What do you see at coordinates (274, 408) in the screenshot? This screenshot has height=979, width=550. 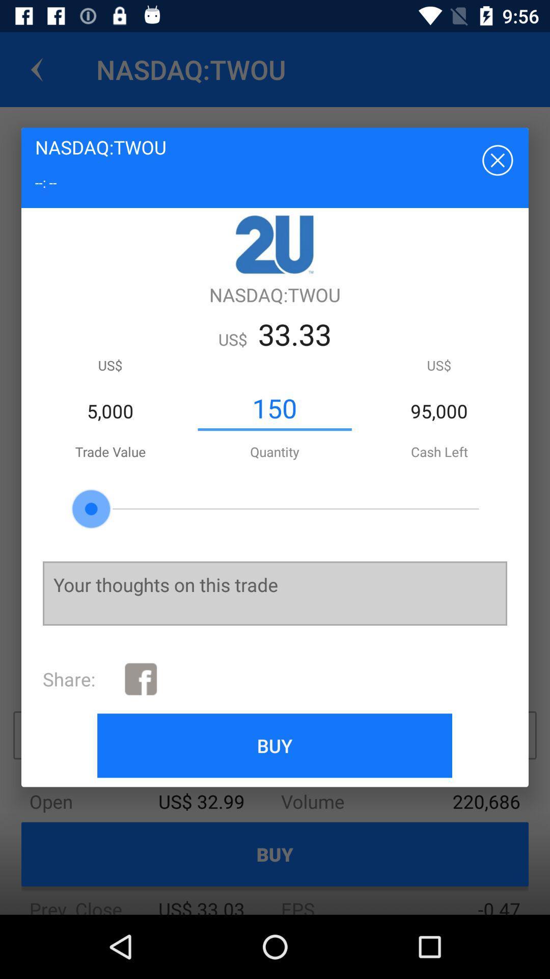 I see `icon next to the us$` at bounding box center [274, 408].